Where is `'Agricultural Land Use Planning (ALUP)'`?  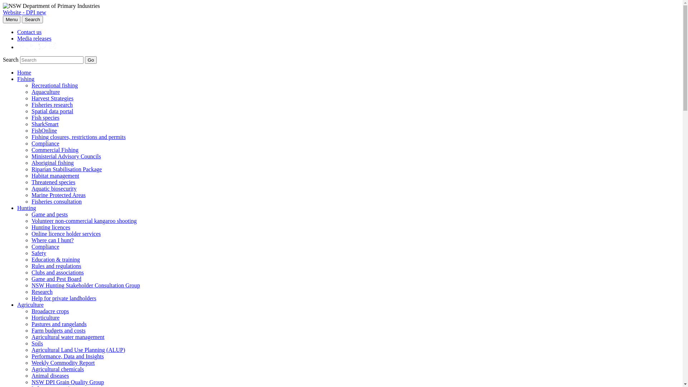
'Agricultural Land Use Planning (ALUP)' is located at coordinates (31, 349).